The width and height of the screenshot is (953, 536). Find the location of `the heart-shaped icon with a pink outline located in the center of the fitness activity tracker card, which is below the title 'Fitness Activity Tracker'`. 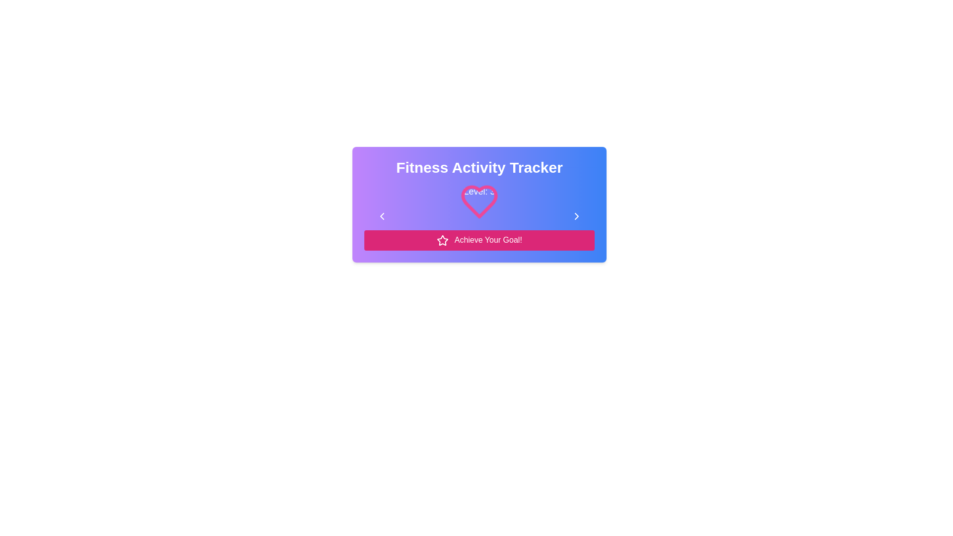

the heart-shaped icon with a pink outline located in the center of the fitness activity tracker card, which is below the title 'Fitness Activity Tracker' is located at coordinates (479, 210).